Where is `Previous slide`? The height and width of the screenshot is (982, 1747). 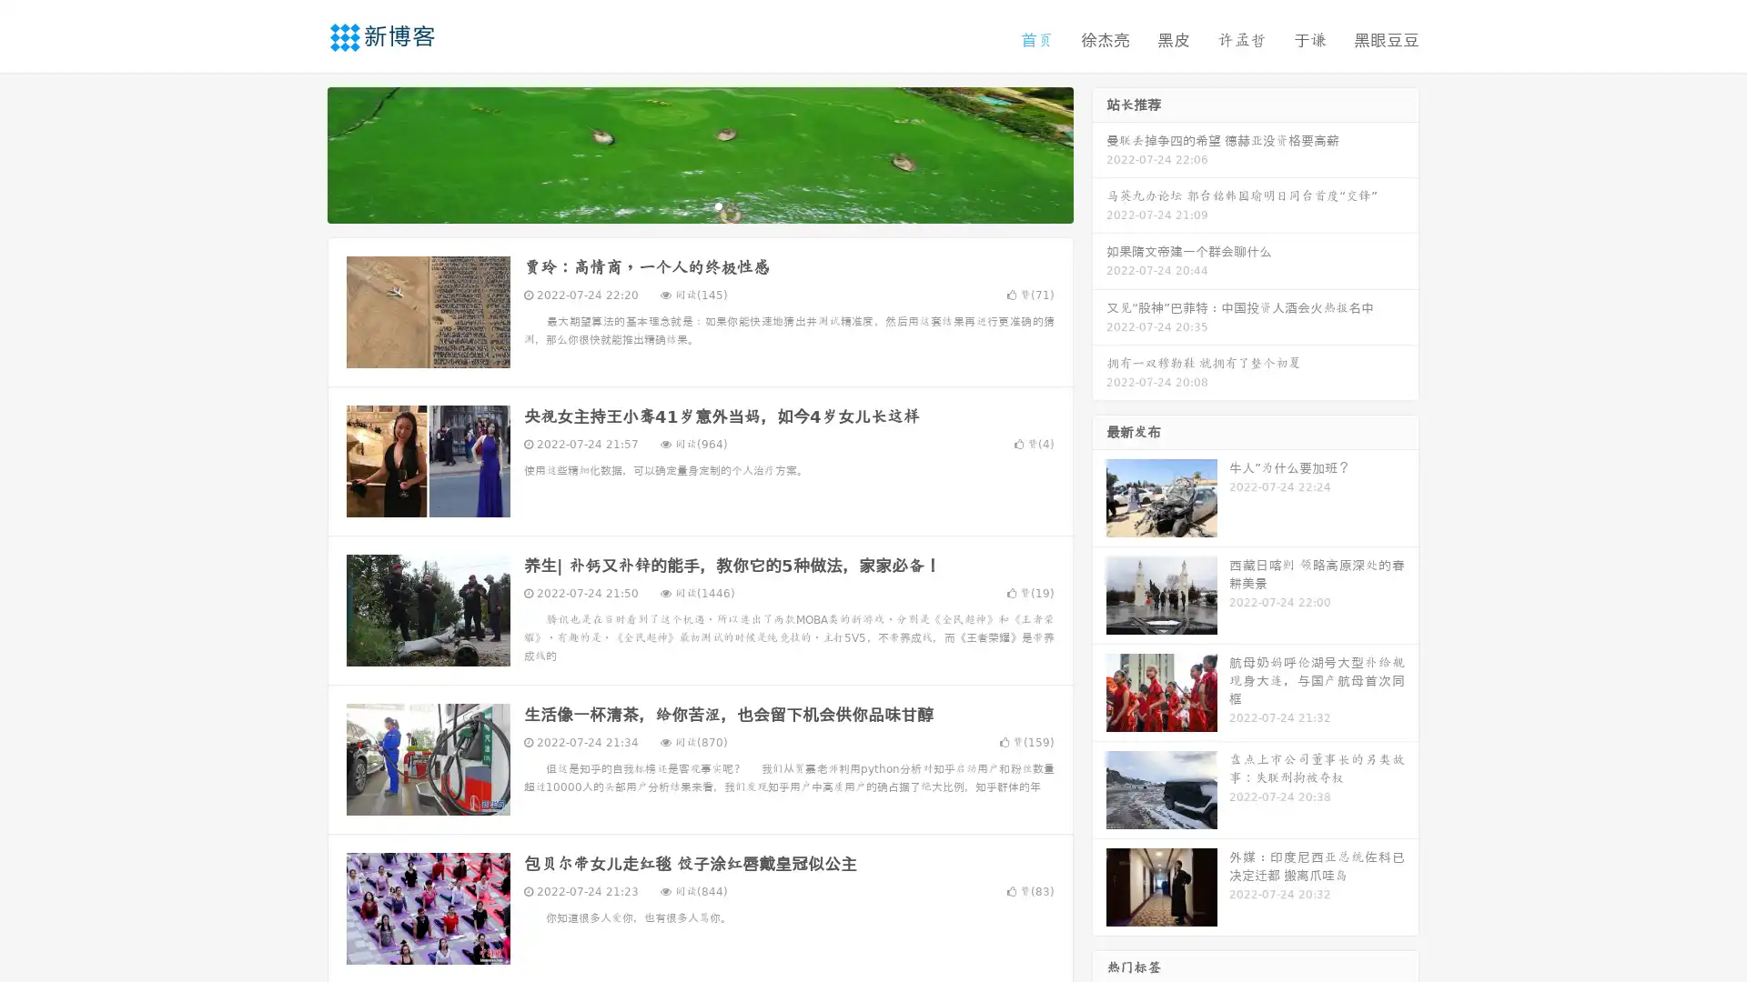 Previous slide is located at coordinates (300, 153).